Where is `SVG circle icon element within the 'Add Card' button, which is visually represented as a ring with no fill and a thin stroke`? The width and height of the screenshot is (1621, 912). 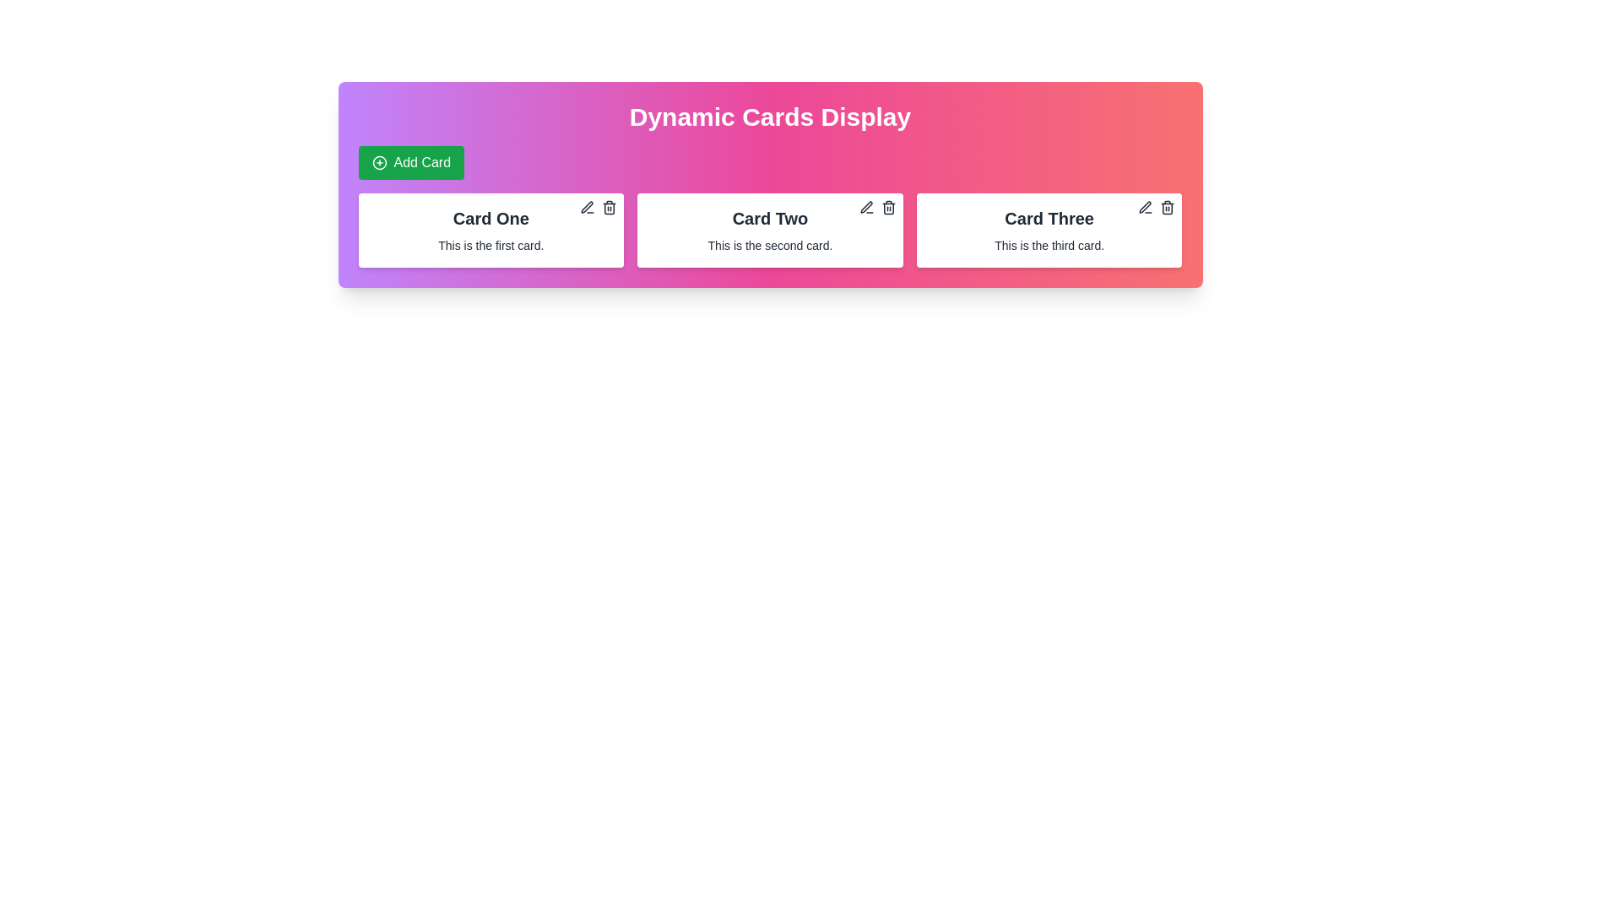
SVG circle icon element within the 'Add Card' button, which is visually represented as a ring with no fill and a thin stroke is located at coordinates (378, 162).